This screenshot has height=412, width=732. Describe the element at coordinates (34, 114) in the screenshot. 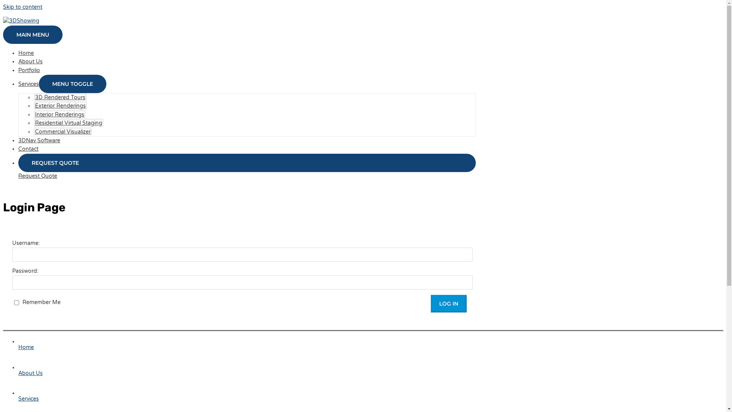

I see `'Interior Renderings'` at that location.